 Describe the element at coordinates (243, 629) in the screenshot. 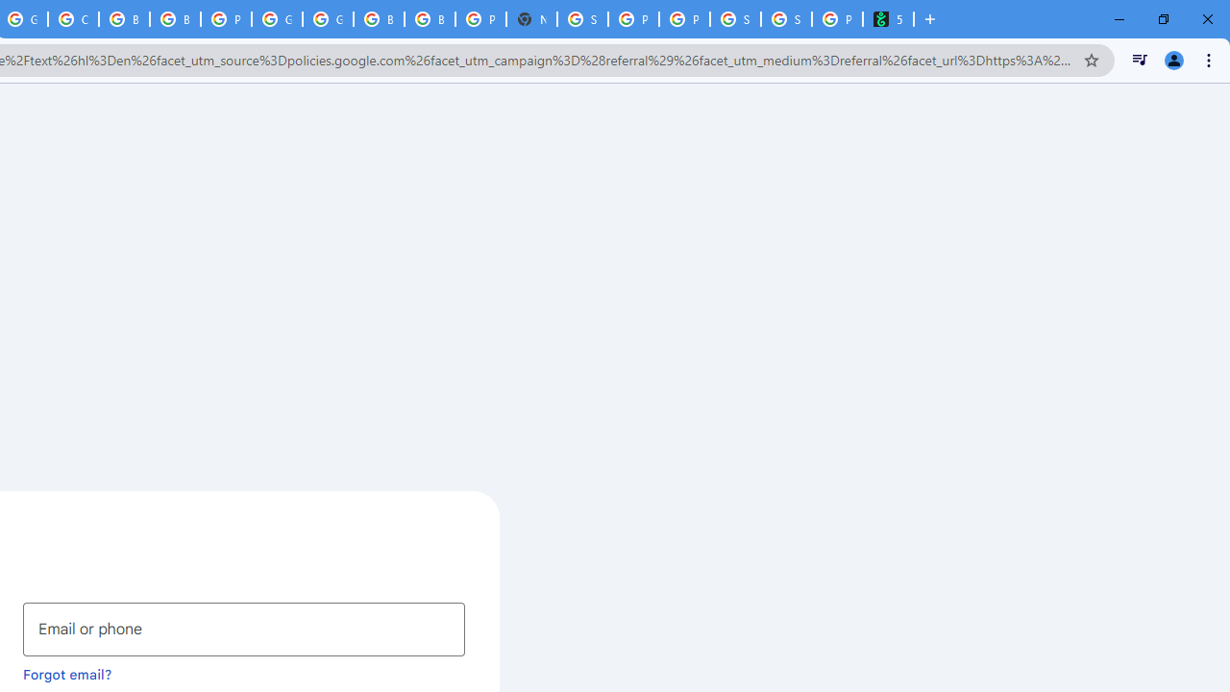

I see `'Email or phone'` at that location.